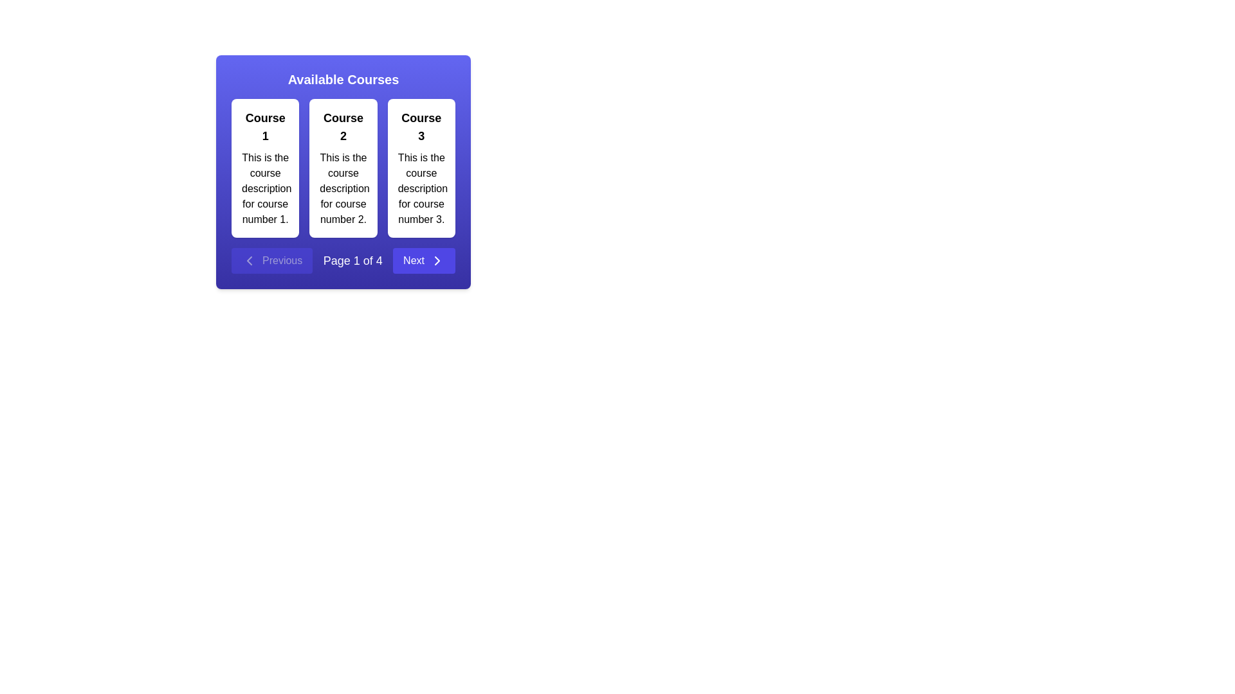 This screenshot has height=694, width=1235. I want to click on the textual description for 'Course 1' located in the first card of the course list, situated below the title, so click(264, 188).